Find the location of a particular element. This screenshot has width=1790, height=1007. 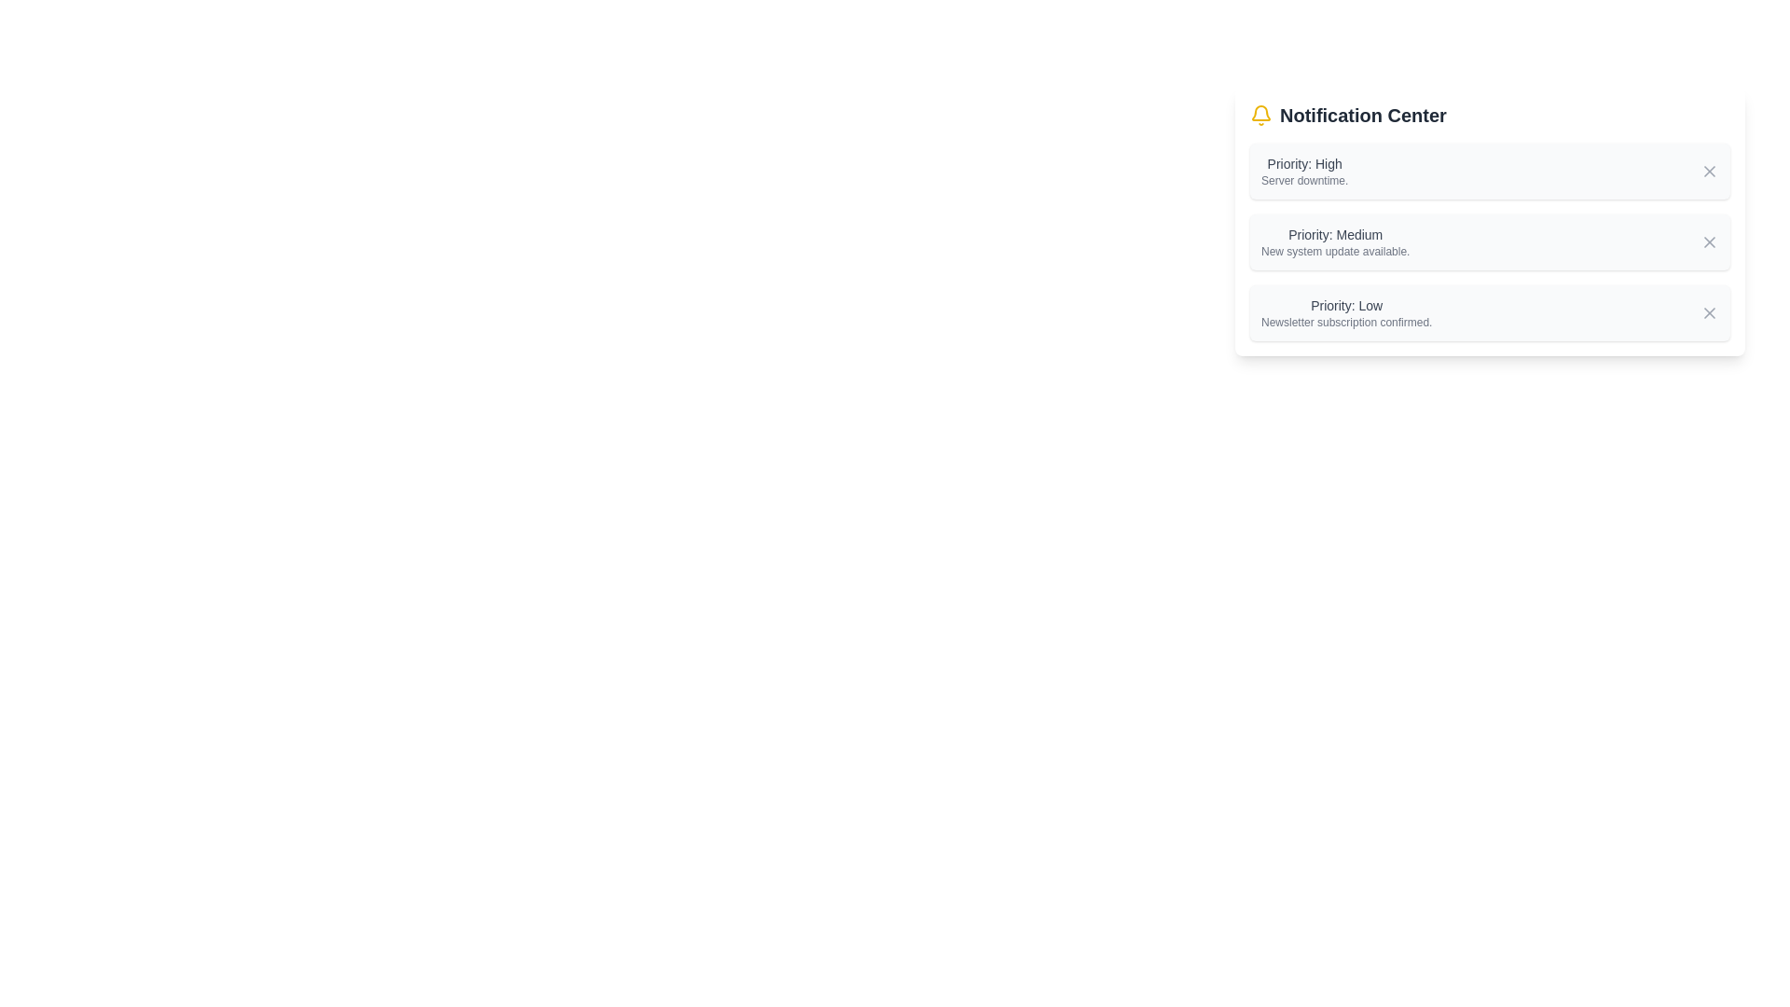

the notification with priority Medium is located at coordinates (1334, 241).